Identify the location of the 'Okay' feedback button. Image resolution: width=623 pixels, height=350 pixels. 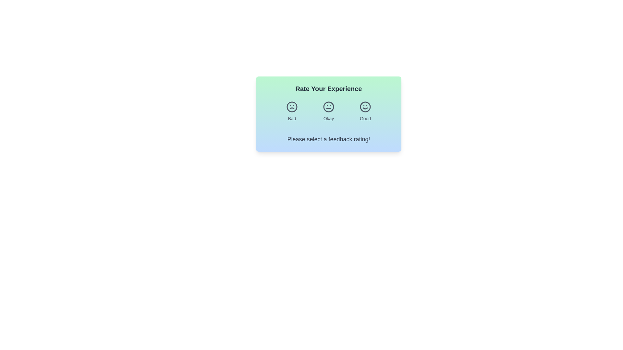
(328, 111).